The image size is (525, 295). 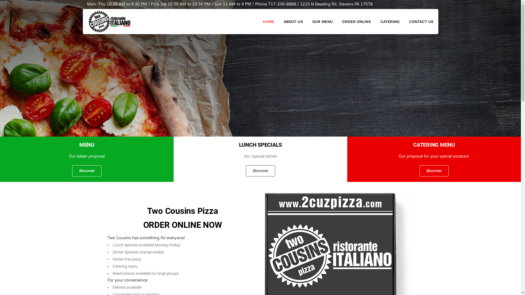 I want to click on 'CATERING', so click(x=390, y=21).